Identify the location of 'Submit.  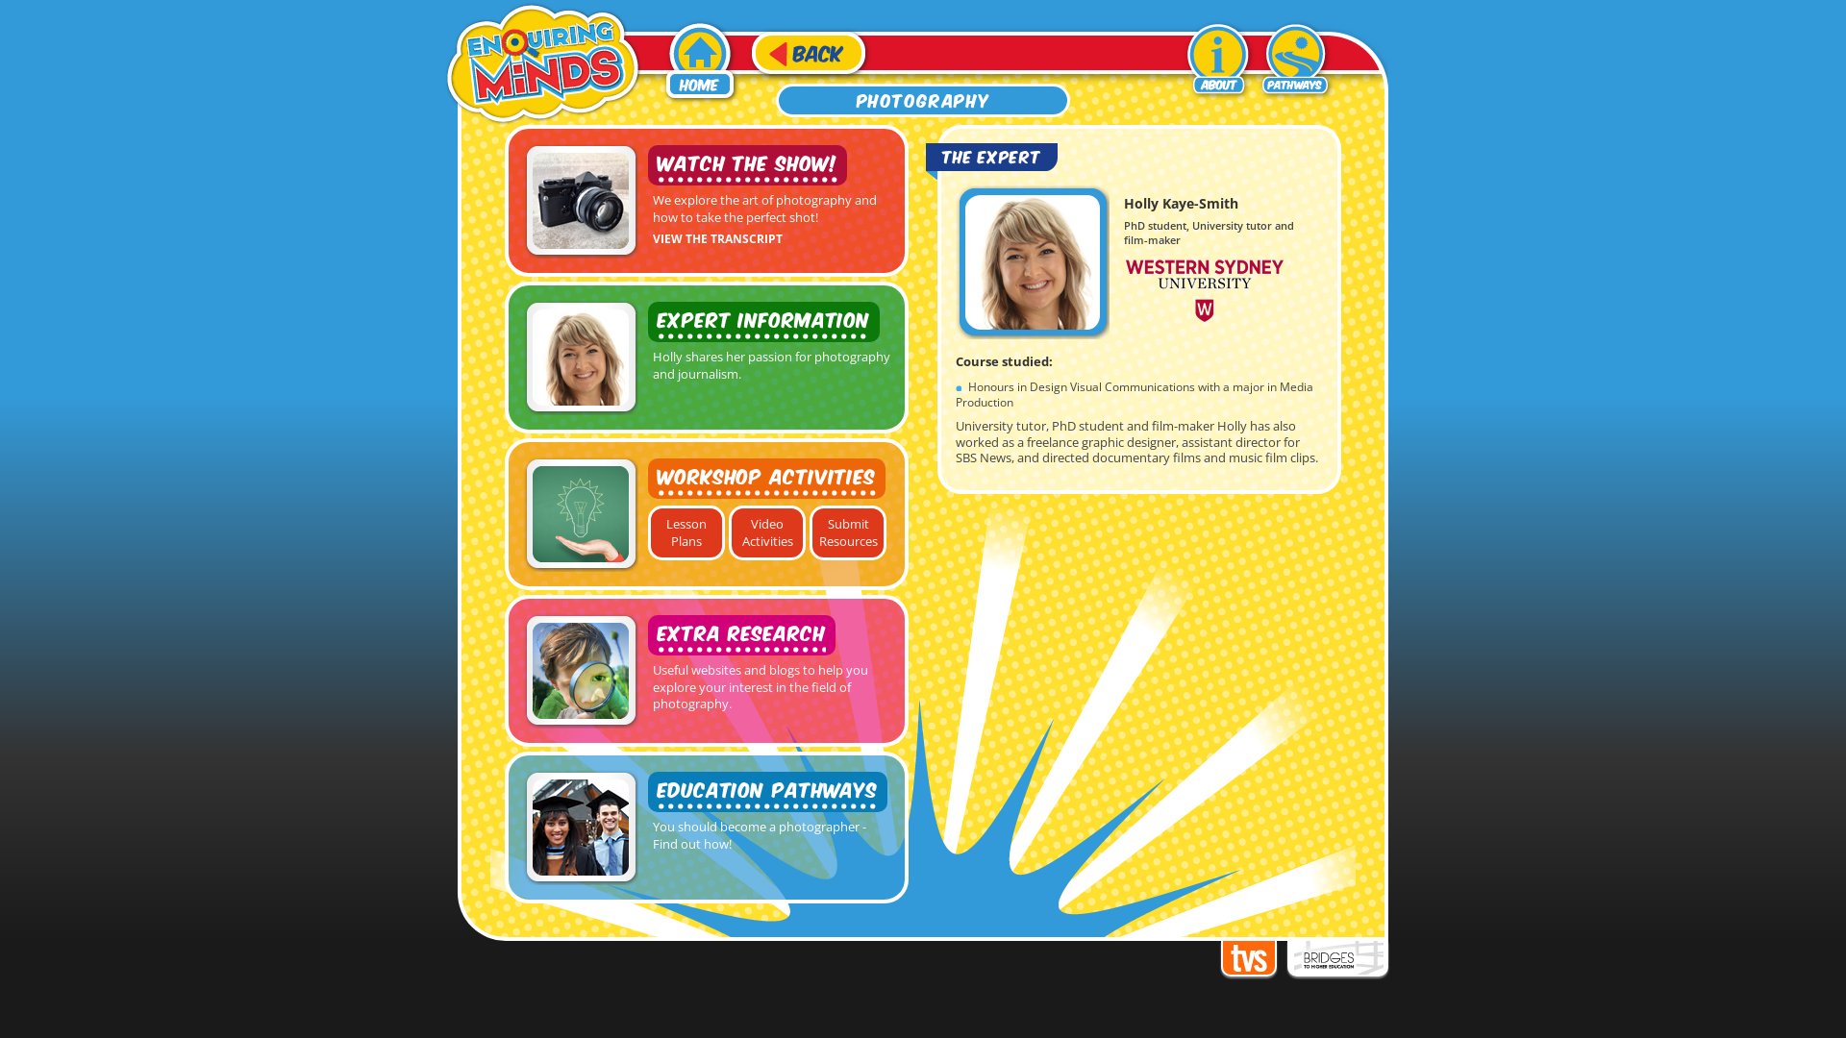
(847, 532).